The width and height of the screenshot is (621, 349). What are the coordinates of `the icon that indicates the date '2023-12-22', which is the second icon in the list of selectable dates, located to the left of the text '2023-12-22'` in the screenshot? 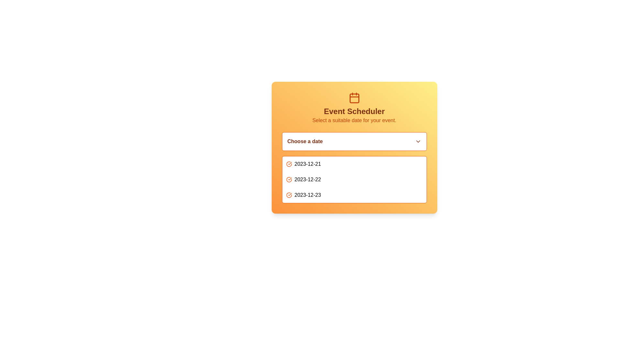 It's located at (289, 179).